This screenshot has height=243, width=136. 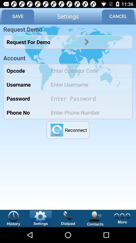 I want to click on press request for demo, so click(x=86, y=42).